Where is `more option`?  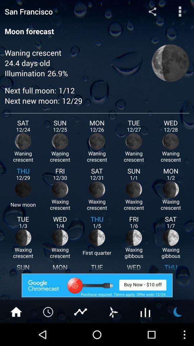 more option is located at coordinates (180, 11).